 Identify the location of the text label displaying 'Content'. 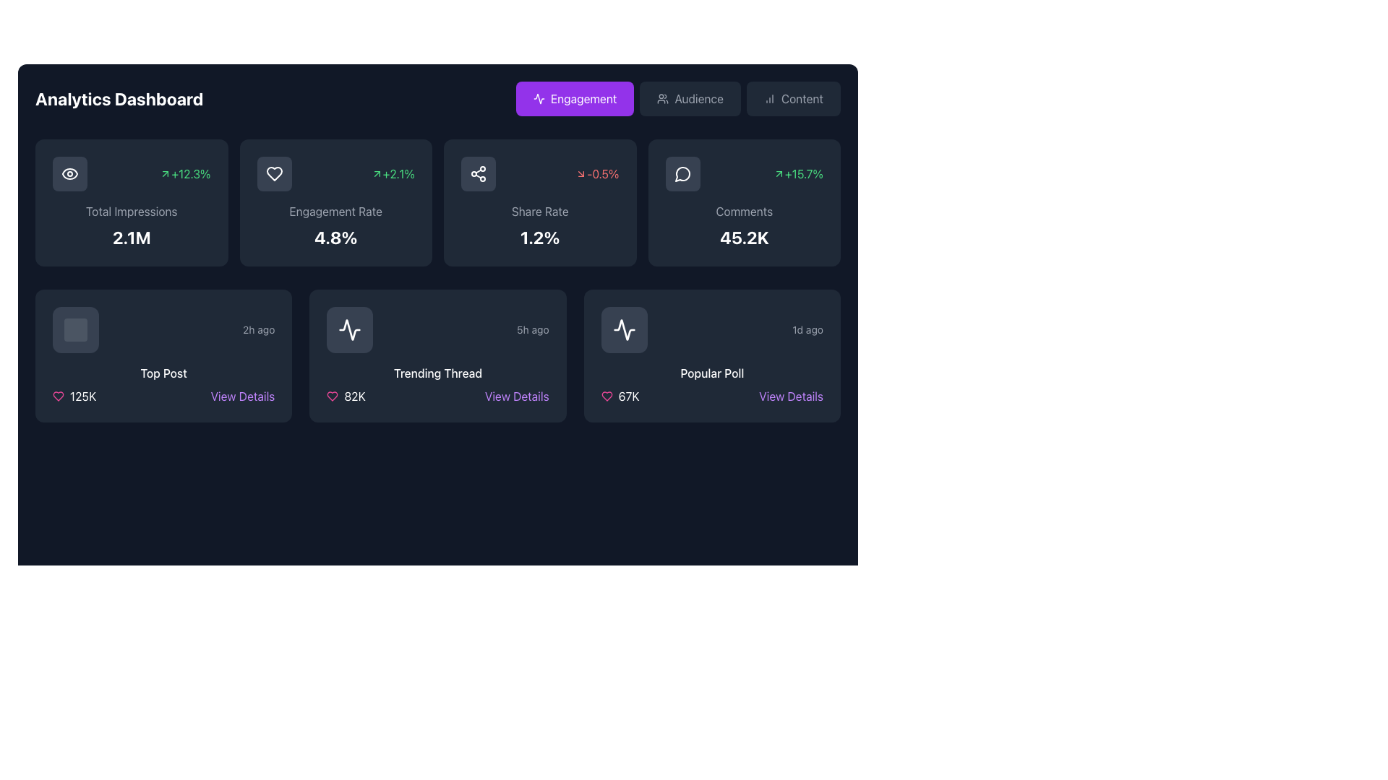
(801, 98).